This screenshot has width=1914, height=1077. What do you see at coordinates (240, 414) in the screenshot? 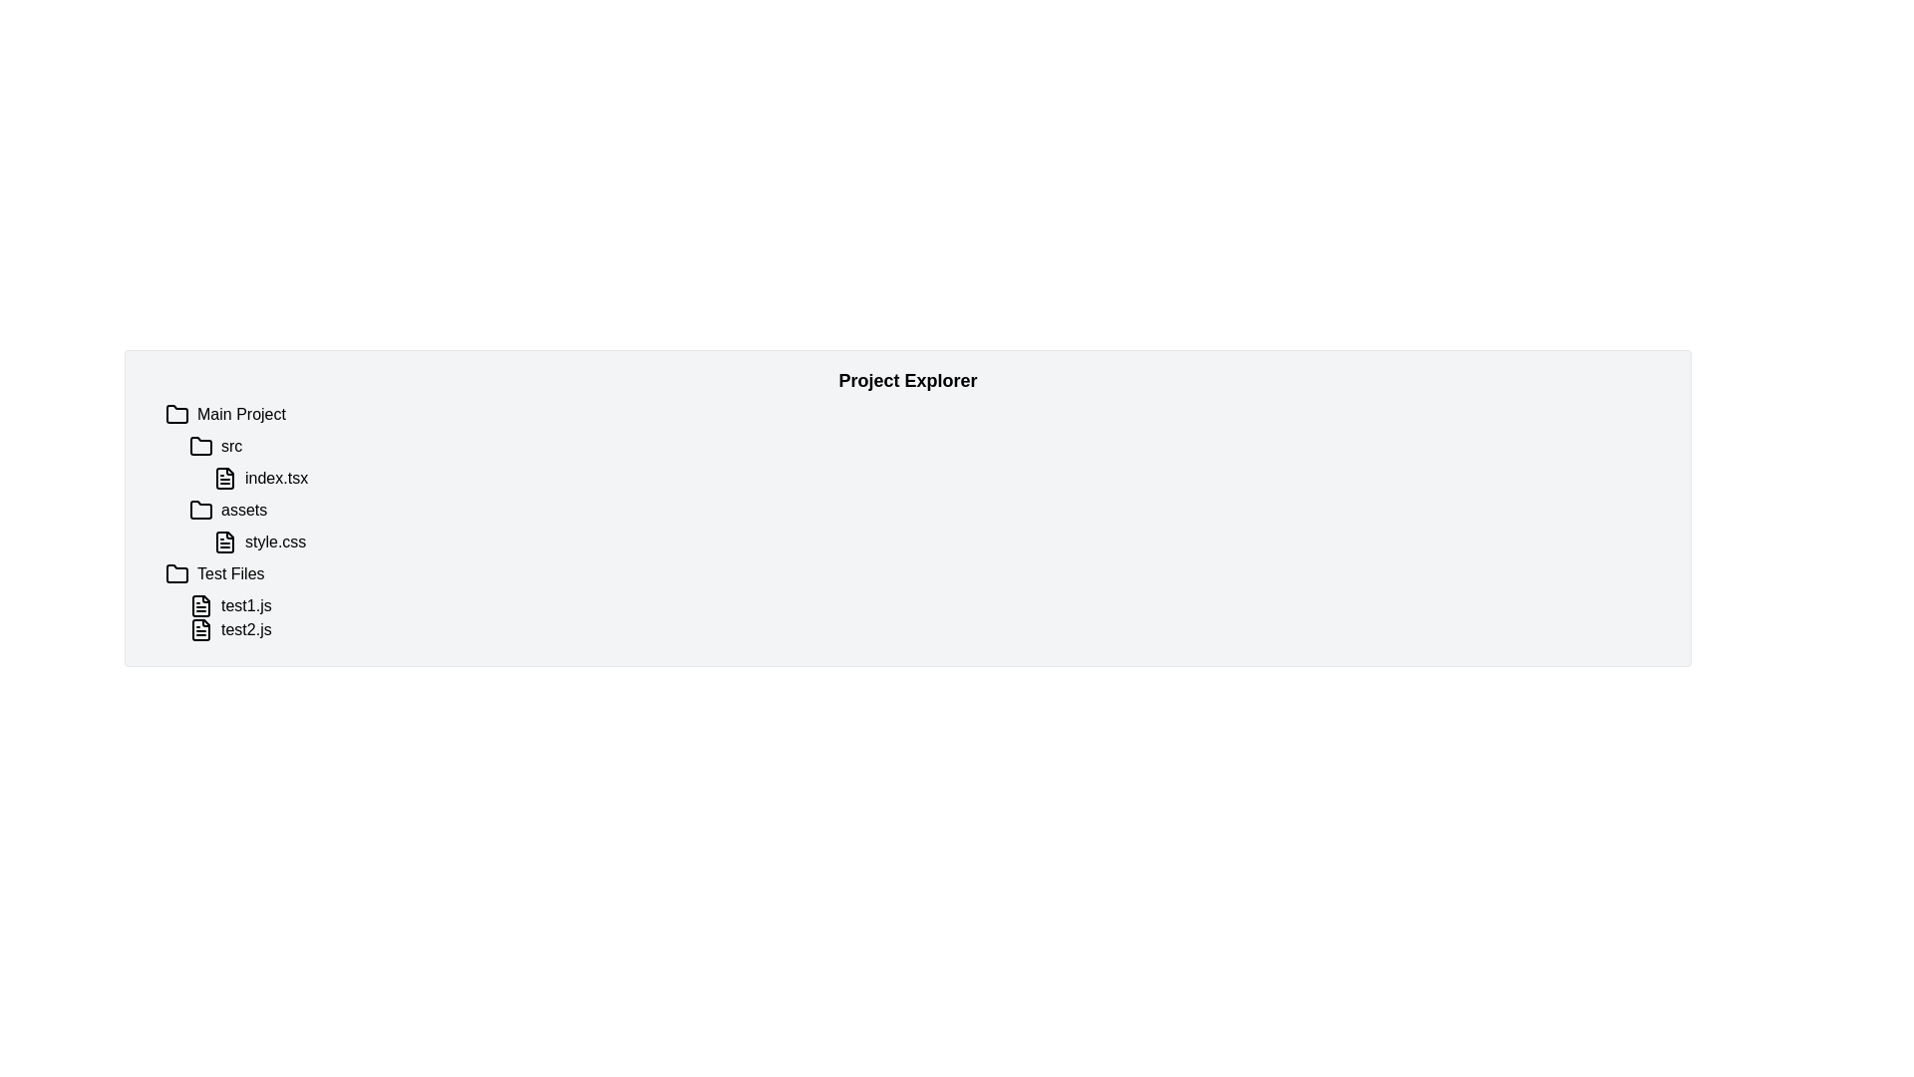
I see `the text label indicating the 'Main Project'` at bounding box center [240, 414].